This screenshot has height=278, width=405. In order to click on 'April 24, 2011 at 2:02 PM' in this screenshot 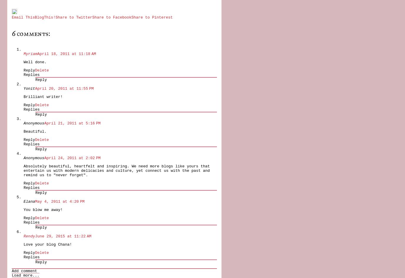, I will do `click(72, 157)`.